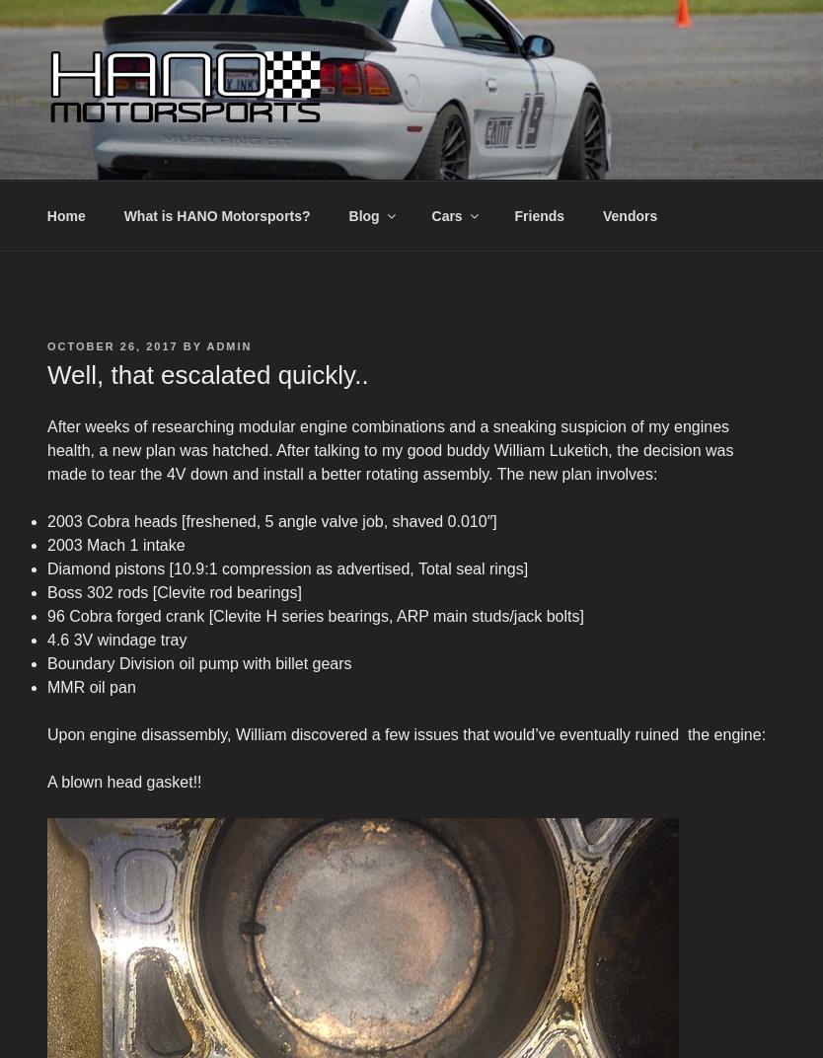 This screenshot has height=1058, width=823. I want to click on 'Boundary Division oil pump with billet gears', so click(198, 662).